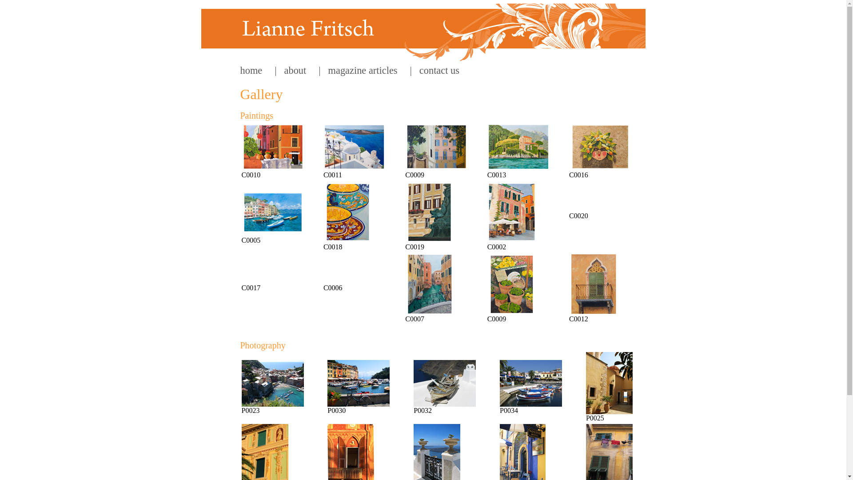 The image size is (853, 480). What do you see at coordinates (257, 70) in the screenshot?
I see `'home     |'` at bounding box center [257, 70].